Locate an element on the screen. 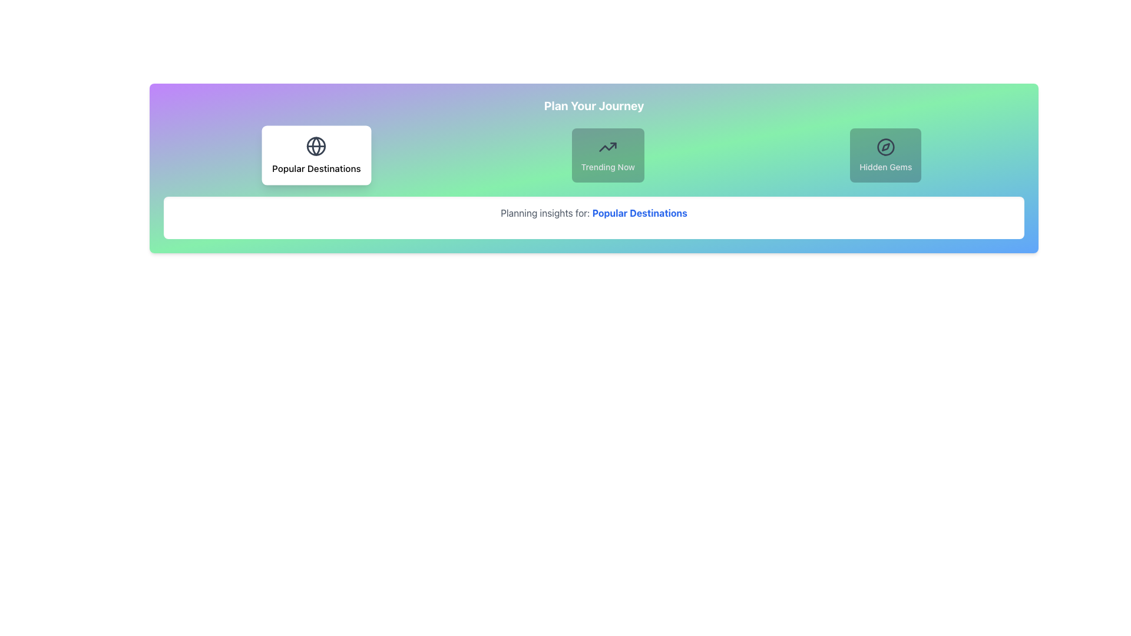  the centered text element displaying 'Planning insights for: Popular Destinations', which is located beneath the 'Plan Your Journey' title and has a bolder blue font for 'Popular Destinations' is located at coordinates (594, 213).